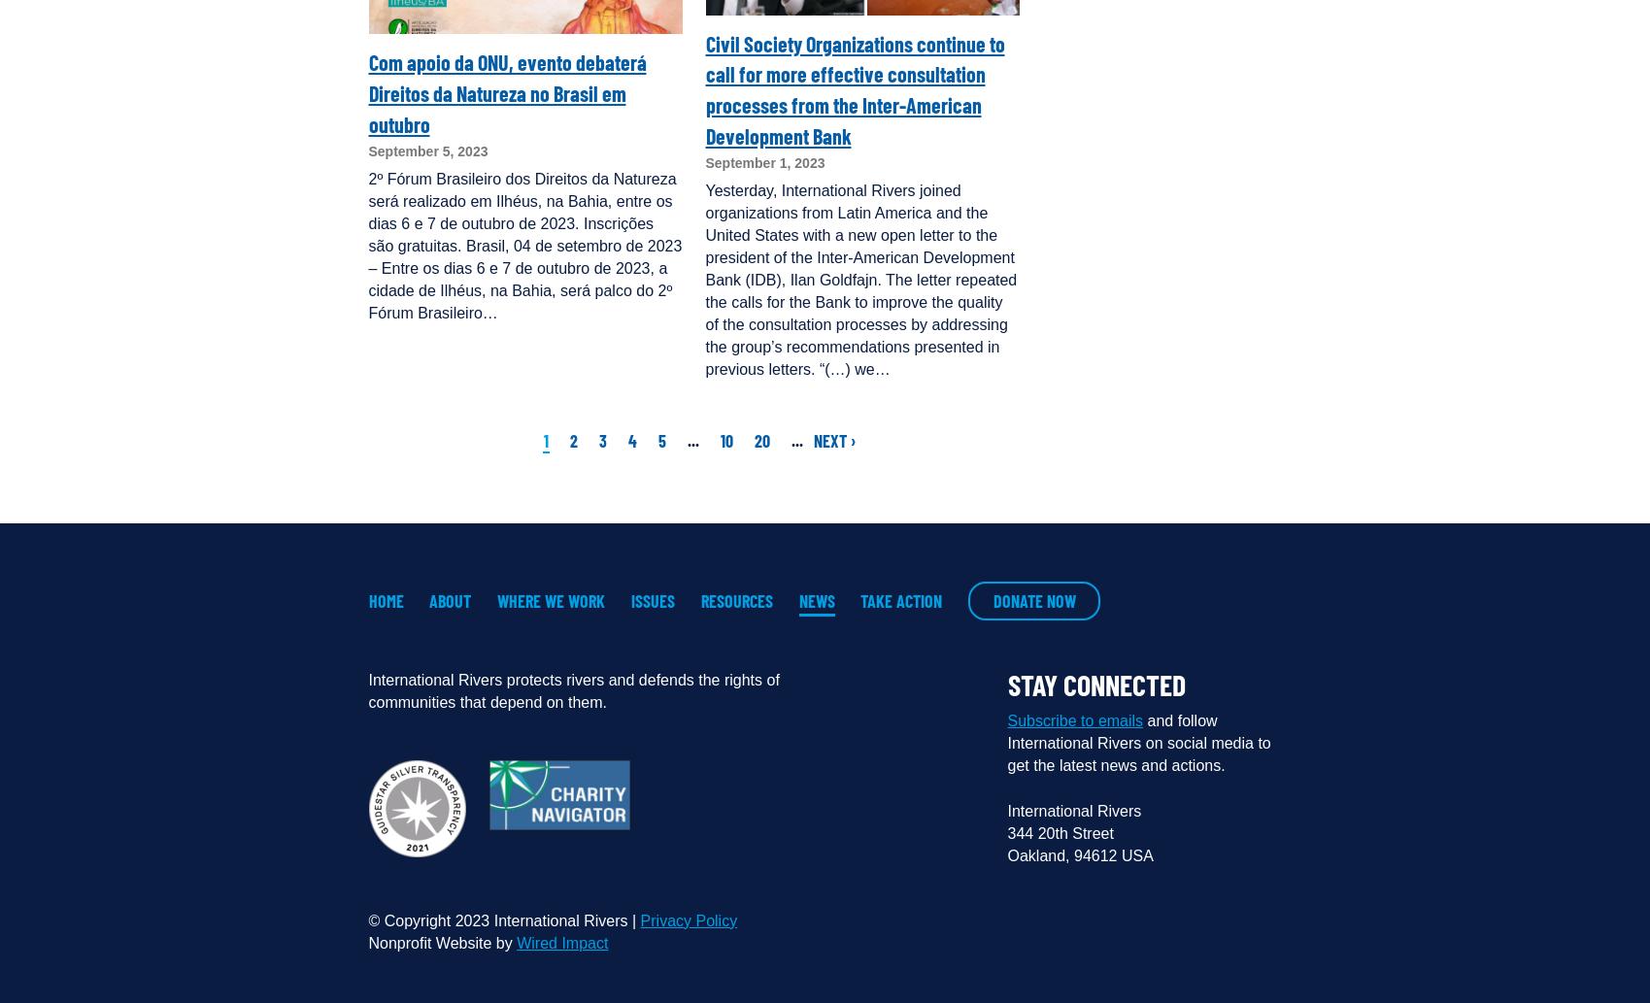  What do you see at coordinates (573, 441) in the screenshot?
I see `'2'` at bounding box center [573, 441].